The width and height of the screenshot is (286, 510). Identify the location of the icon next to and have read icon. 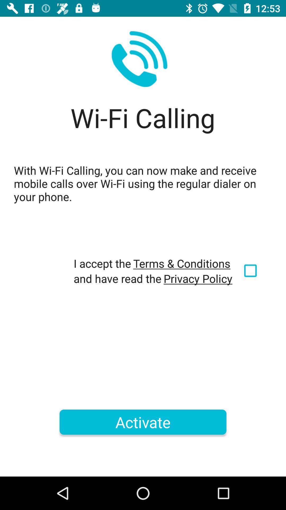
(198, 278).